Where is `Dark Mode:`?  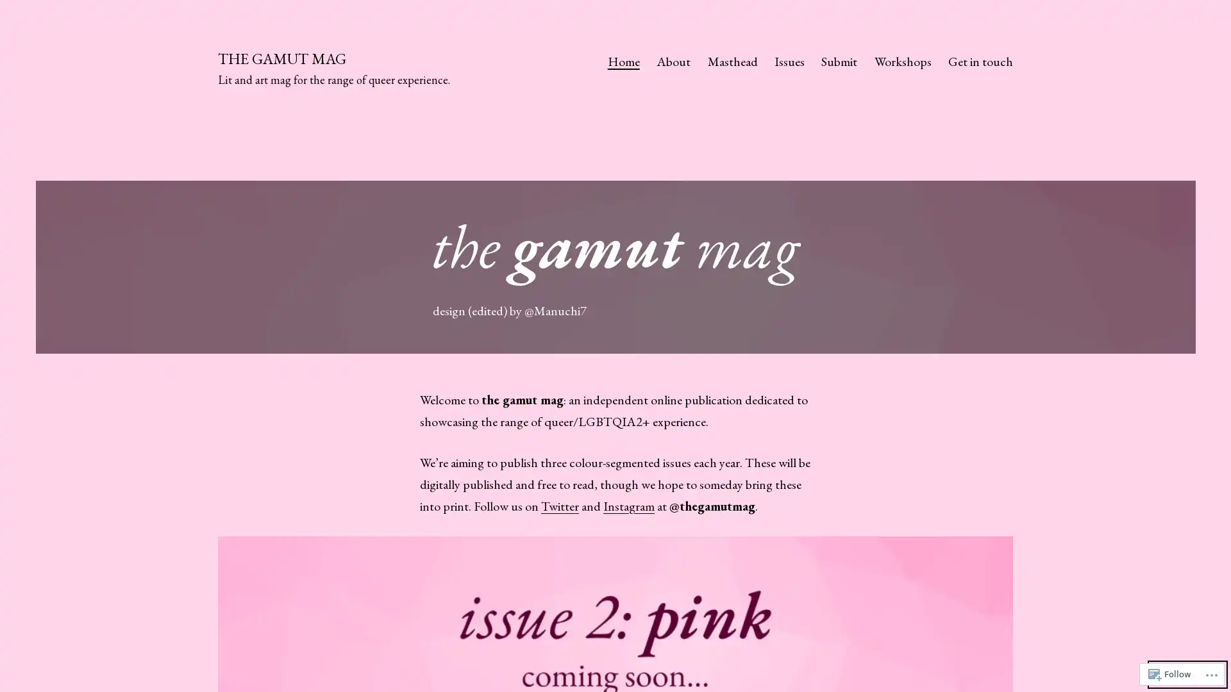 Dark Mode: is located at coordinates (1187, 674).